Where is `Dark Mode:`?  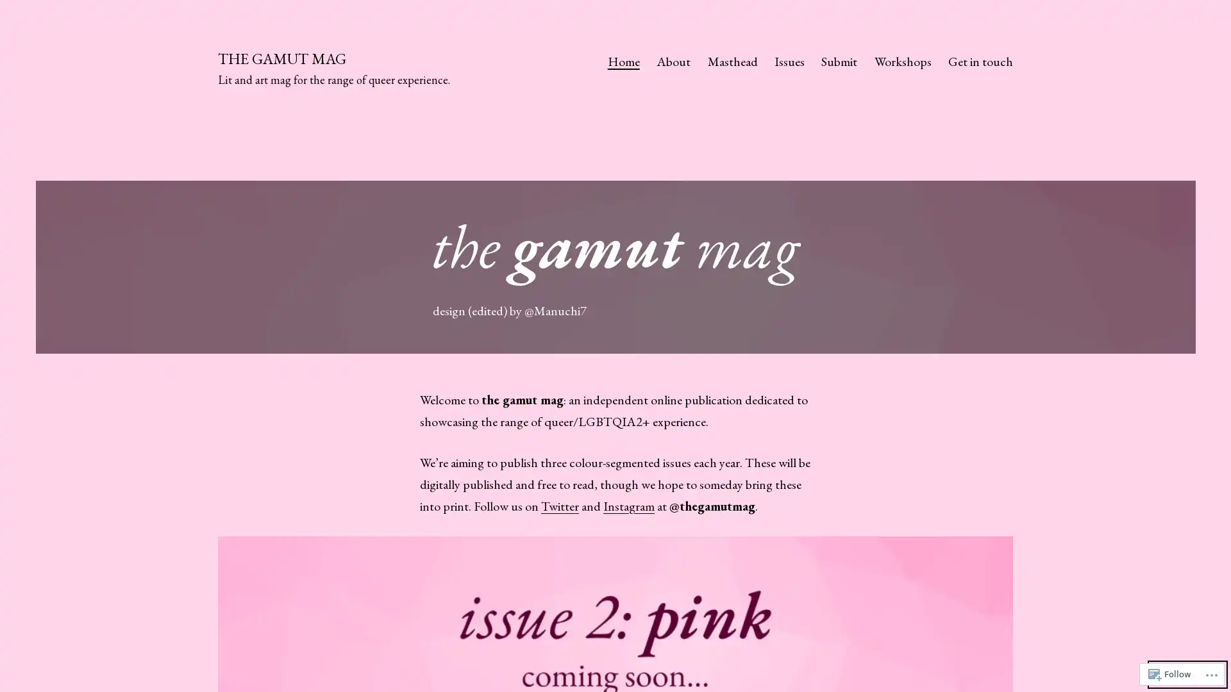 Dark Mode: is located at coordinates (1187, 674).